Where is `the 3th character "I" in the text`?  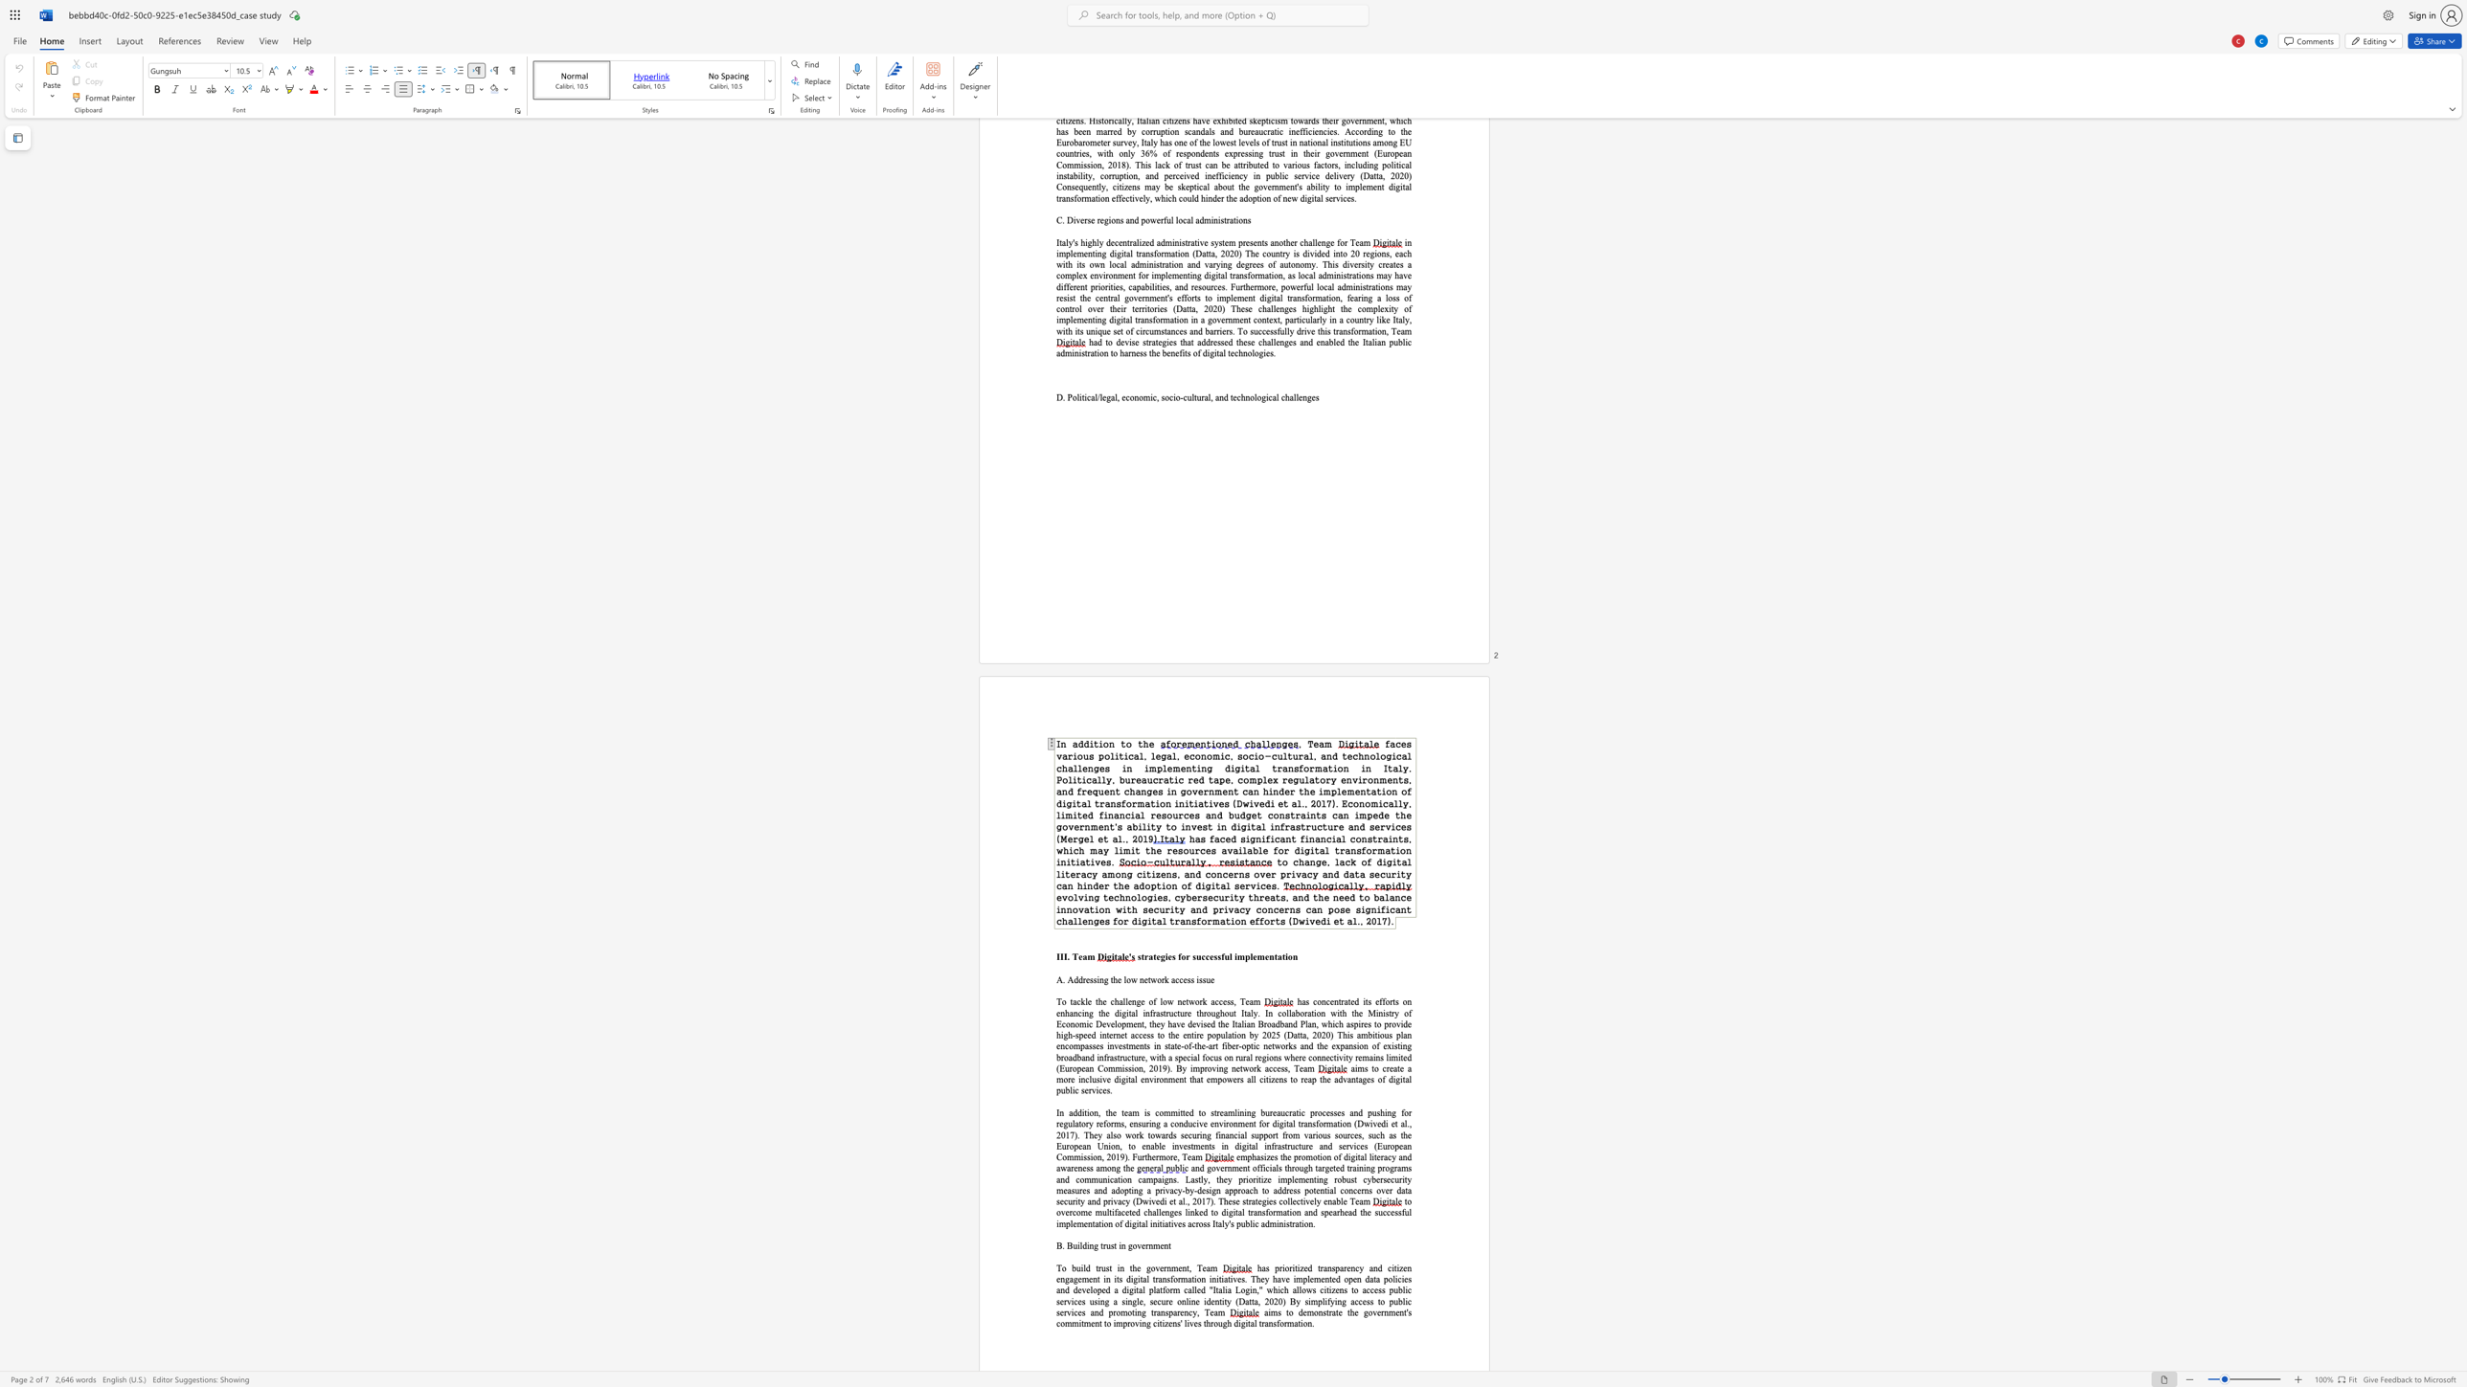
the 3th character "I" in the text is located at coordinates (1065, 955).